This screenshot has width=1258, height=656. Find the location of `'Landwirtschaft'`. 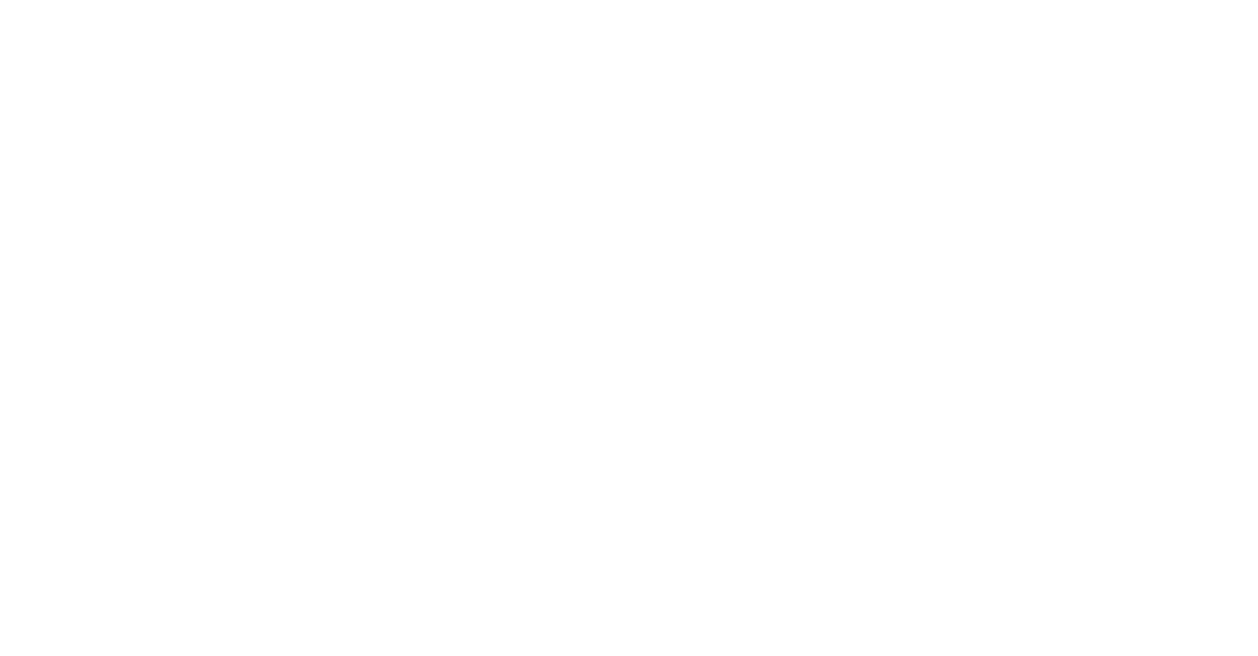

'Landwirtschaft' is located at coordinates (1217, 150).